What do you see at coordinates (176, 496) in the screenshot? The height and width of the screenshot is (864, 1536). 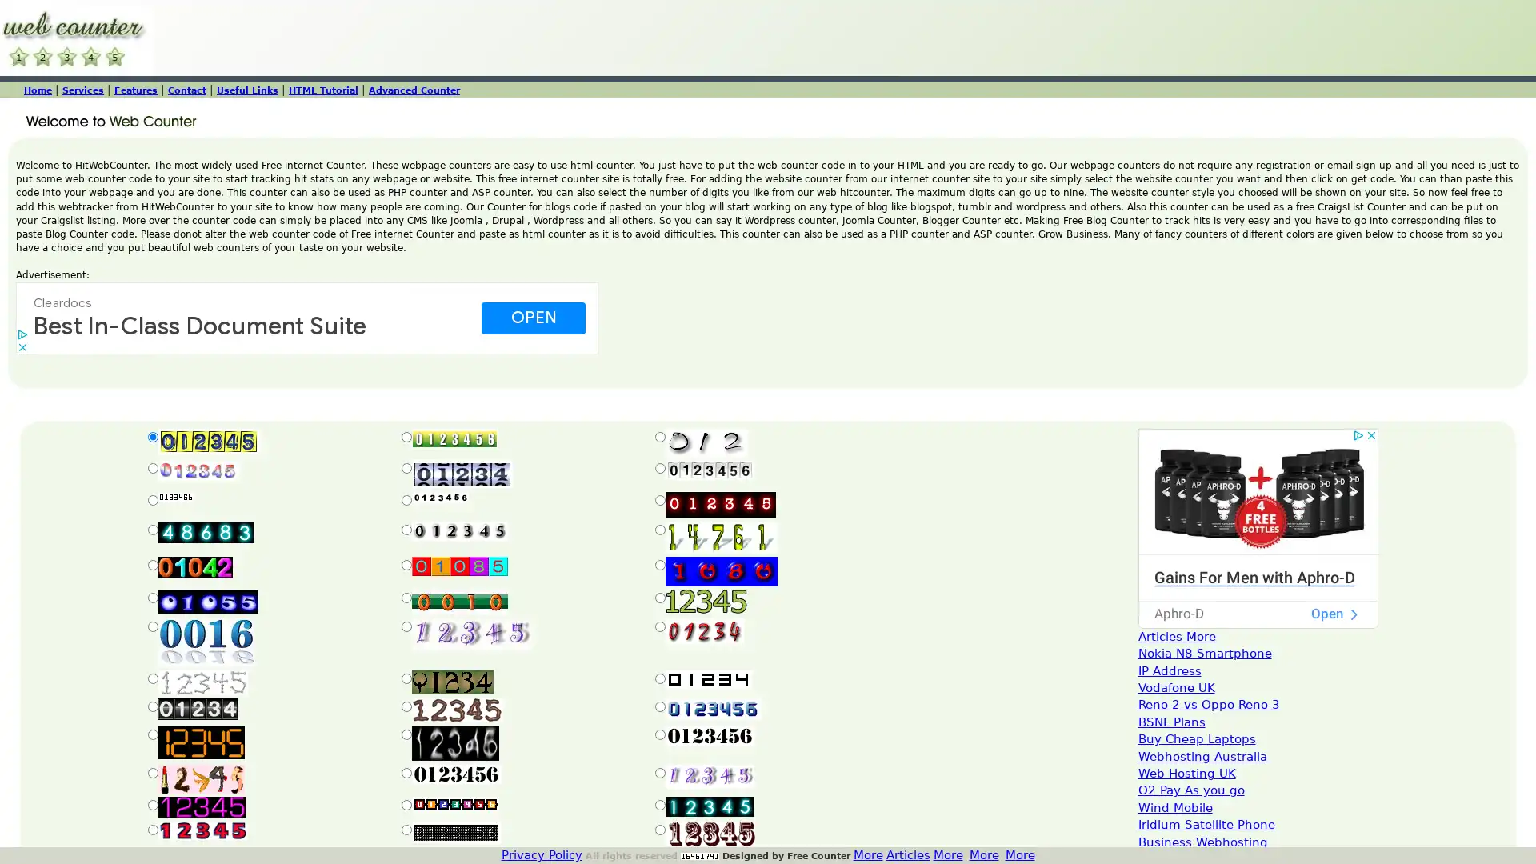 I see `Submit` at bounding box center [176, 496].